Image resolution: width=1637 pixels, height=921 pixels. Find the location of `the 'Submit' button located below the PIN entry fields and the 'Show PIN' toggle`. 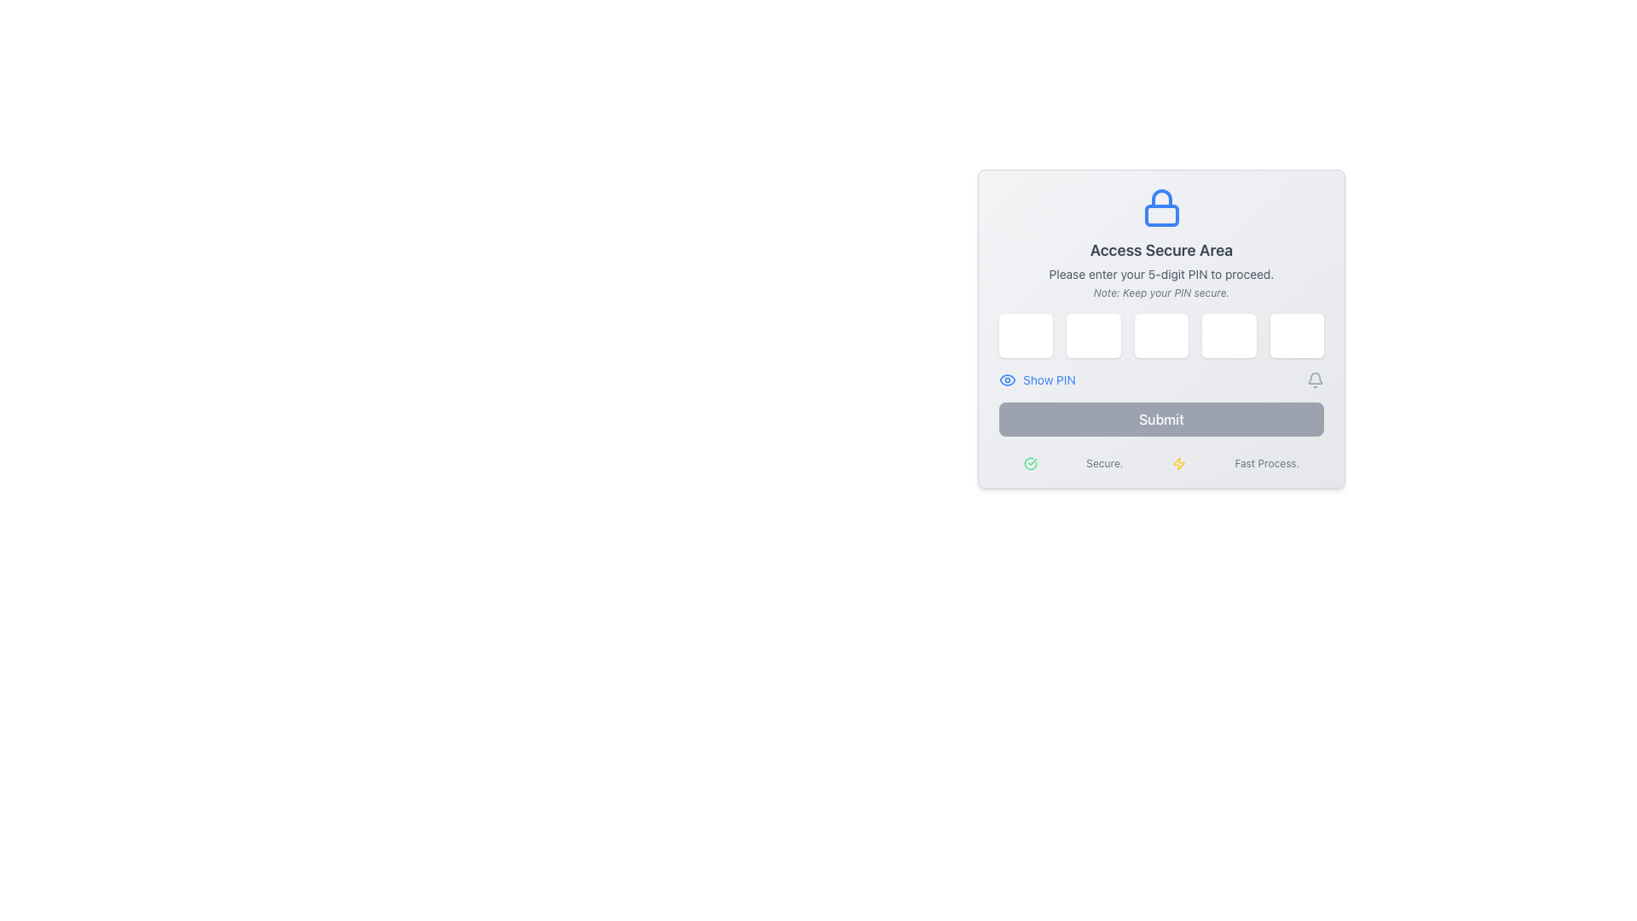

the 'Submit' button located below the PIN entry fields and the 'Show PIN' toggle is located at coordinates (1160, 420).